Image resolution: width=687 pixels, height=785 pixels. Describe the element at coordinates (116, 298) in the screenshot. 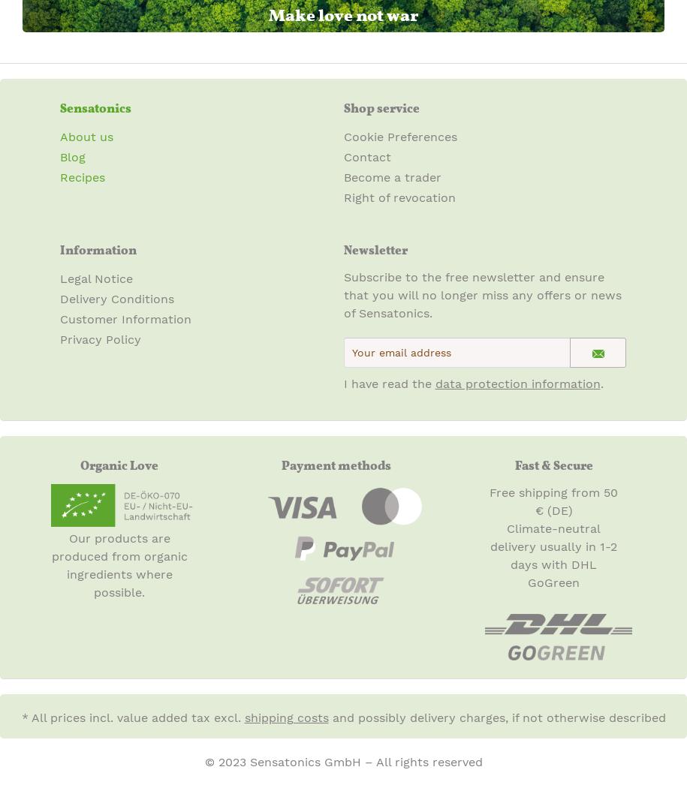

I see `'Delivery Conditions'` at that location.